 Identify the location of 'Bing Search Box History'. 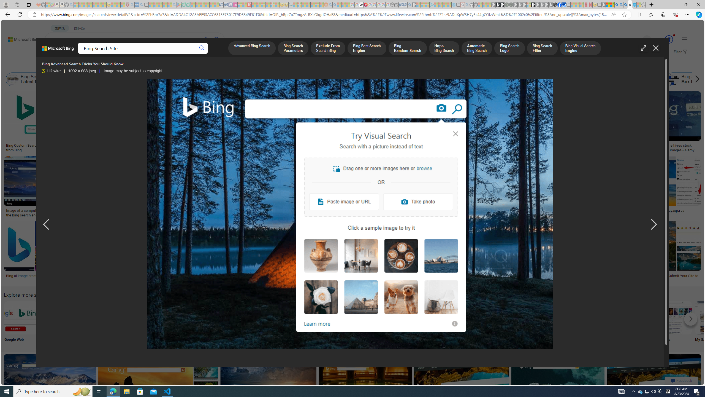
(673, 79).